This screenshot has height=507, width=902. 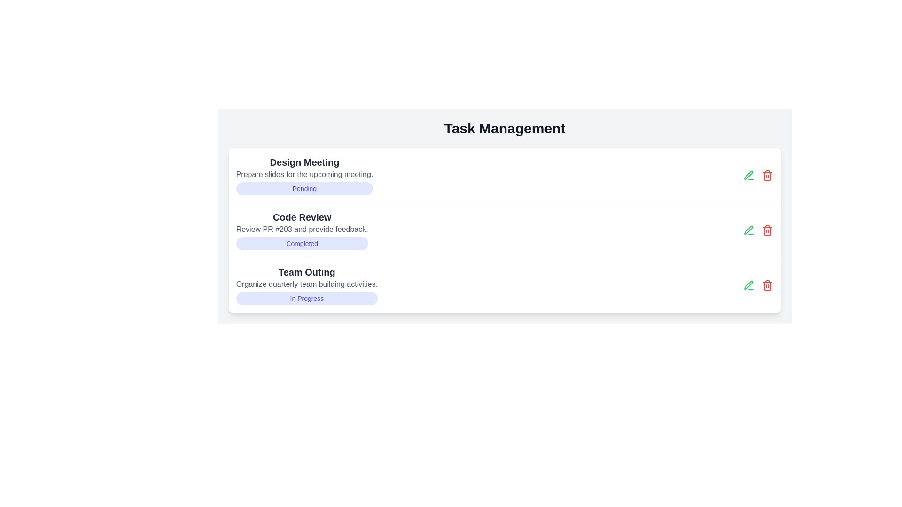 I want to click on the Status badge indicating the current state of 'In Progress' for the task 'Team Outing', which is positioned below the texts related to the task, so click(x=307, y=299).